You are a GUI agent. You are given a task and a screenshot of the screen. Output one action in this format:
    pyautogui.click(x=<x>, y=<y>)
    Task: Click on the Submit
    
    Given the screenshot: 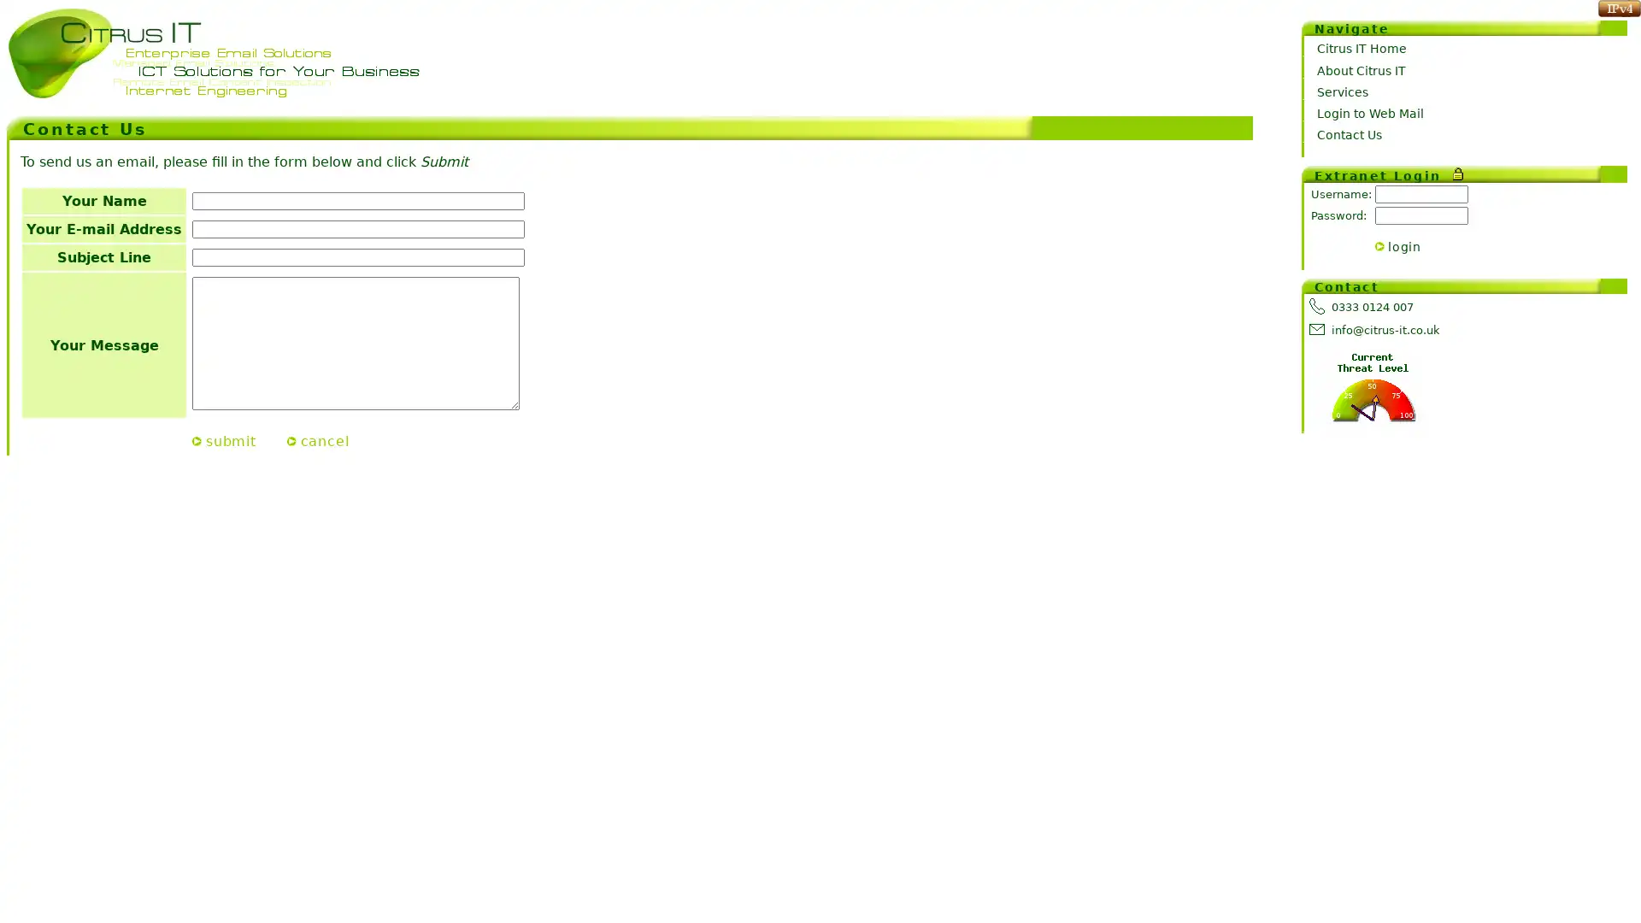 What is the action you would take?
    pyautogui.click(x=197, y=440)
    